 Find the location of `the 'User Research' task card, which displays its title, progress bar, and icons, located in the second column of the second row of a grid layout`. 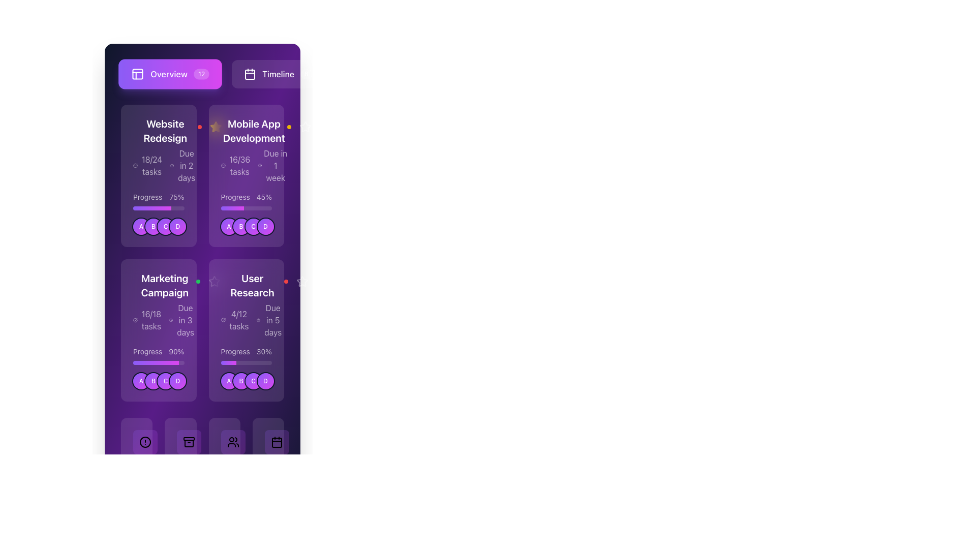

the 'User Research' task card, which displays its title, progress bar, and icons, located in the second column of the second row of a grid layout is located at coordinates (246, 330).